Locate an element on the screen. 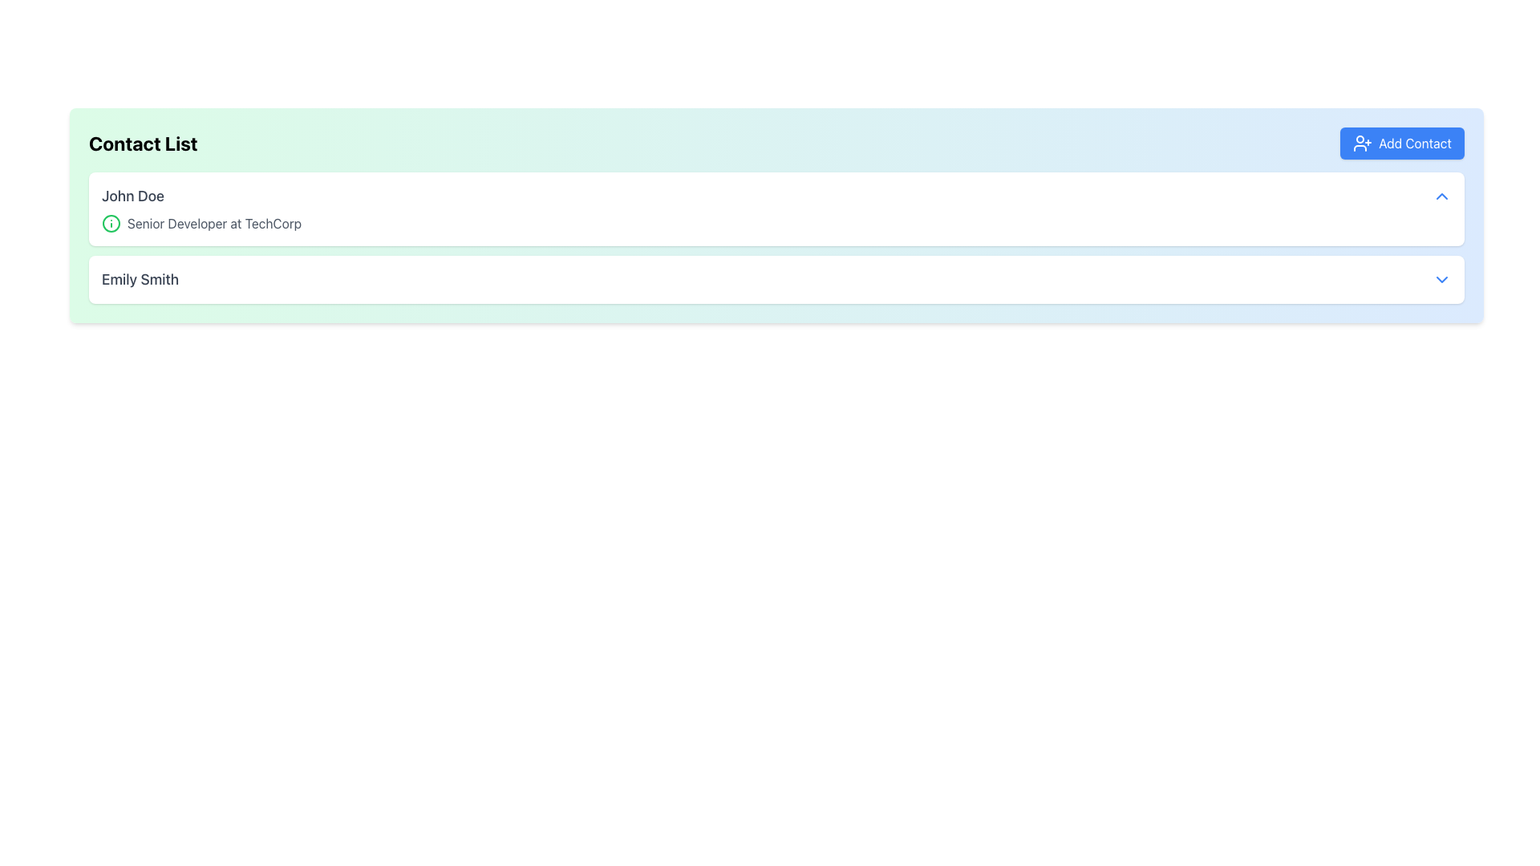 This screenshot has width=1540, height=866. the Chevron icon button positioned to the far right of 'Emily Smith' in the contact list is located at coordinates (1442, 278).